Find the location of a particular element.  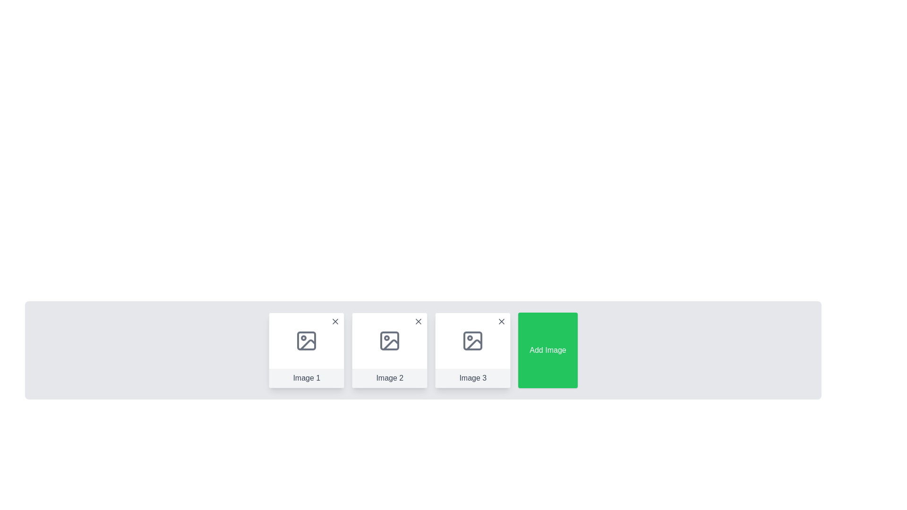

the Close icon (button) represented by an 'X' symbol in gray tones located at the top-right corner of the card labeled 'Image 2' is located at coordinates (418, 321).